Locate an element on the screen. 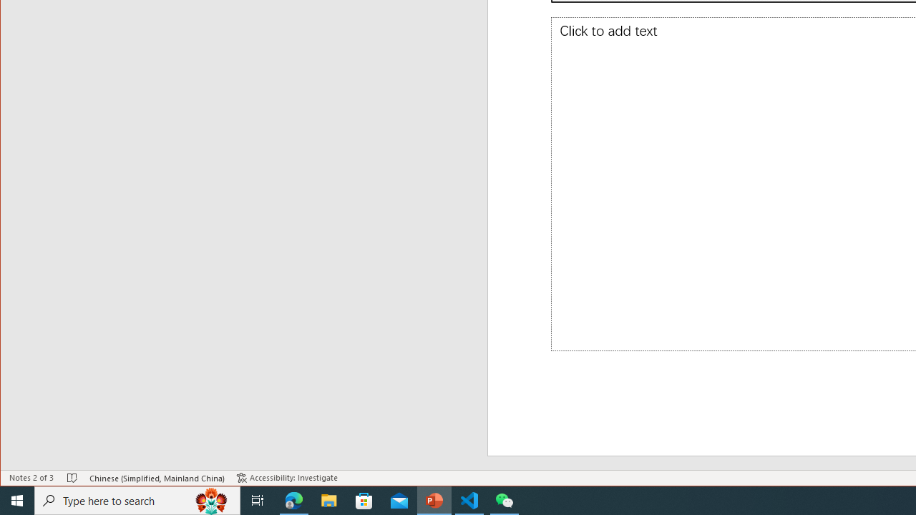 The height and width of the screenshot is (515, 916). 'Spell Check No Errors' is located at coordinates (72, 478).